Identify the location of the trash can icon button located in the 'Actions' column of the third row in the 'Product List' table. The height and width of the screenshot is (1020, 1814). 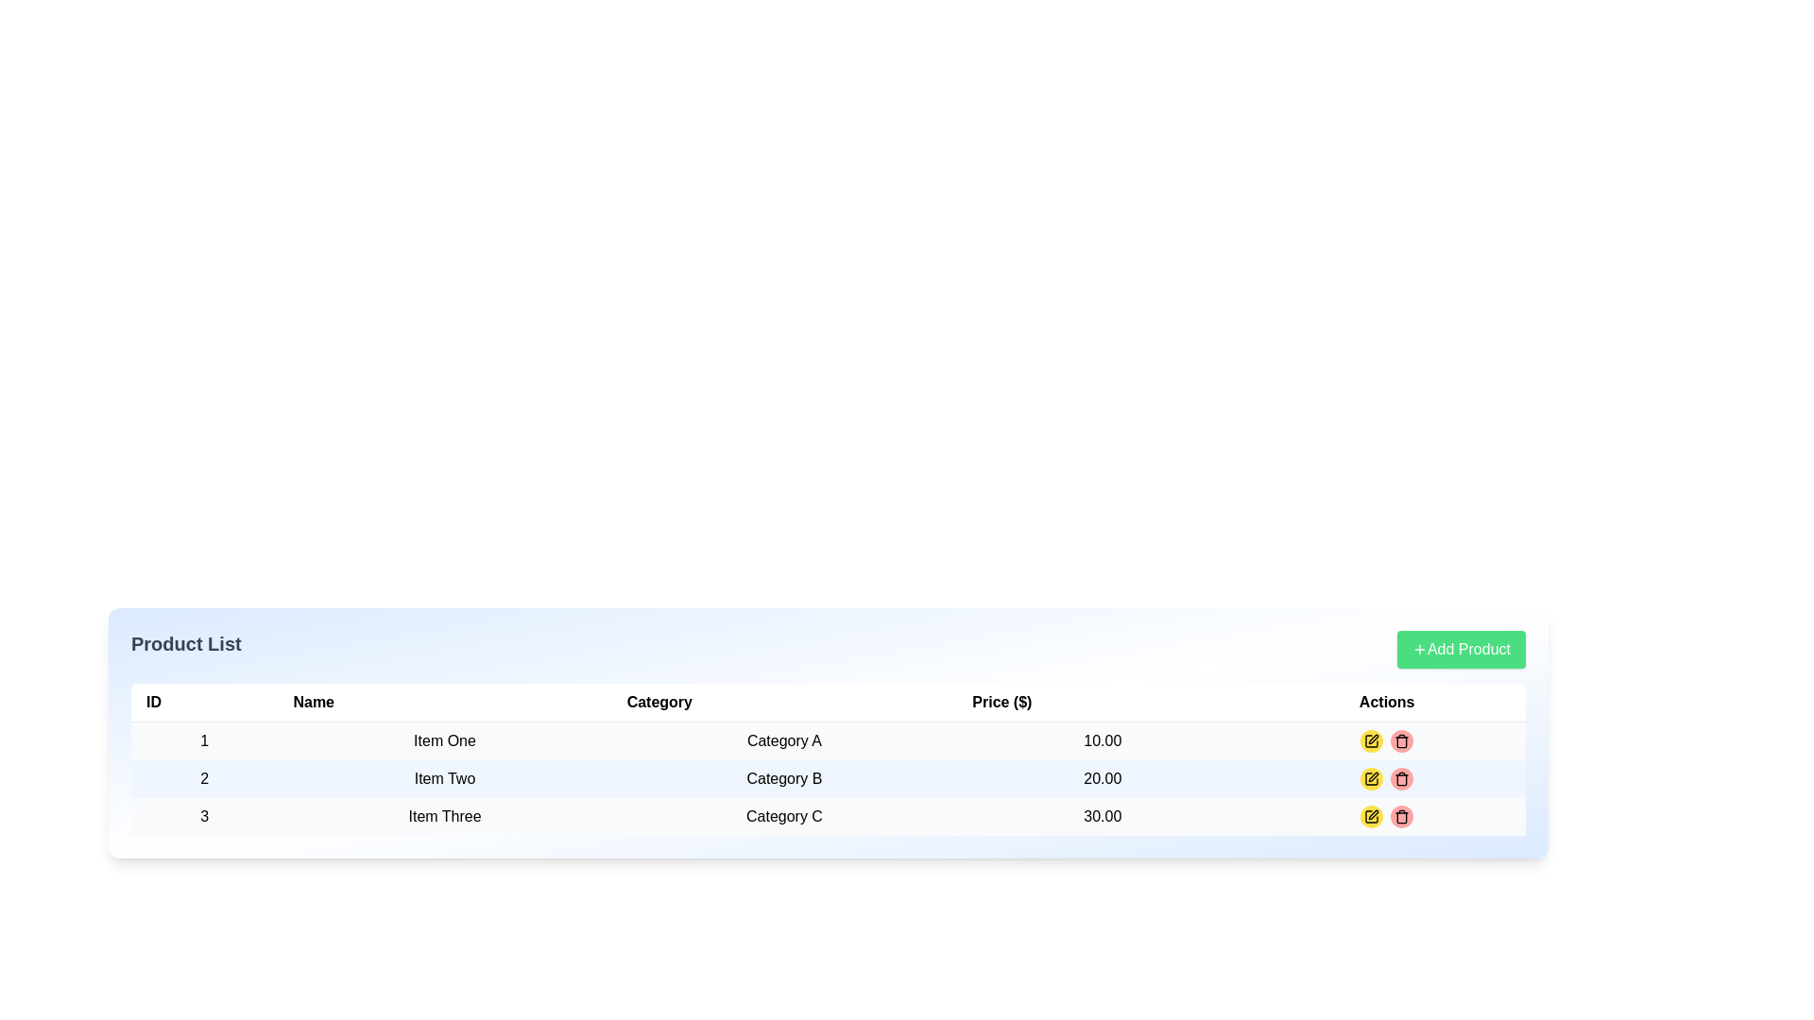
(1402, 815).